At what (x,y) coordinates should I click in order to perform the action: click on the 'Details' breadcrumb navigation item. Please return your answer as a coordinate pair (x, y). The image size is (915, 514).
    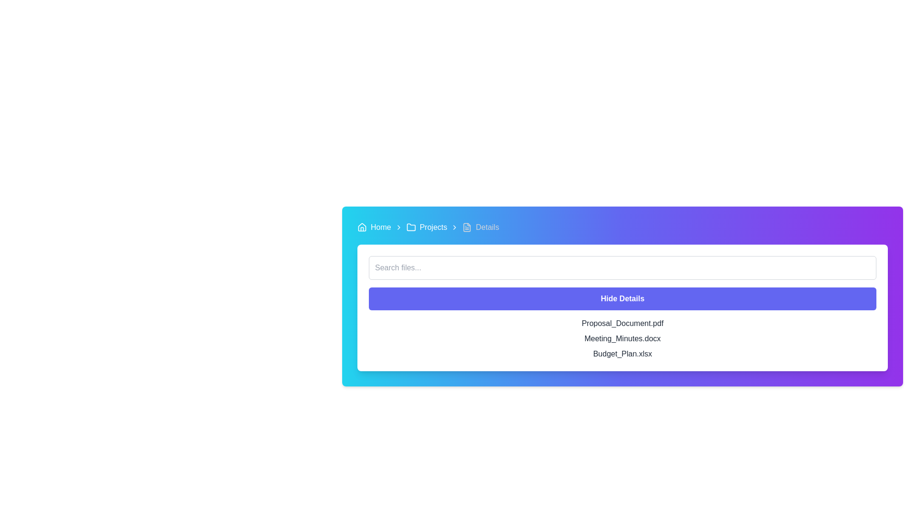
    Looking at the image, I should click on (480, 227).